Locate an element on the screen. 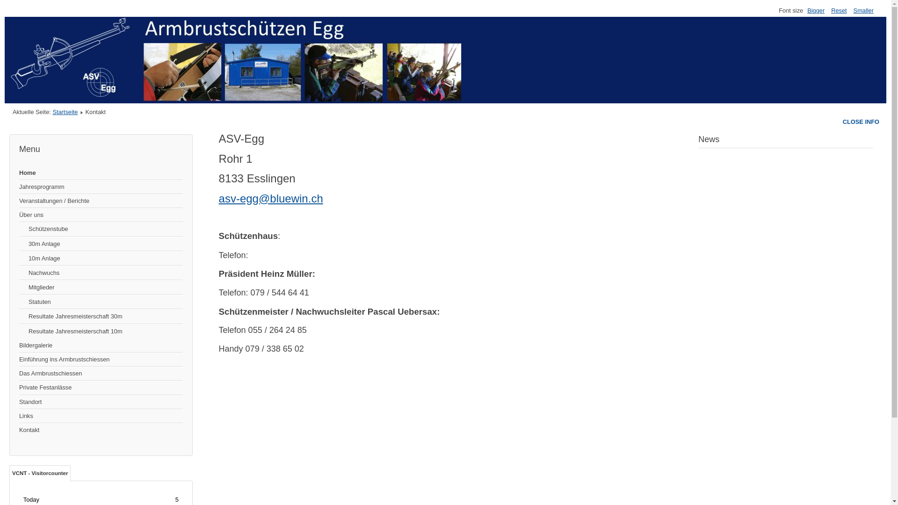 The height and width of the screenshot is (505, 898). 'Statuten' is located at coordinates (101, 302).